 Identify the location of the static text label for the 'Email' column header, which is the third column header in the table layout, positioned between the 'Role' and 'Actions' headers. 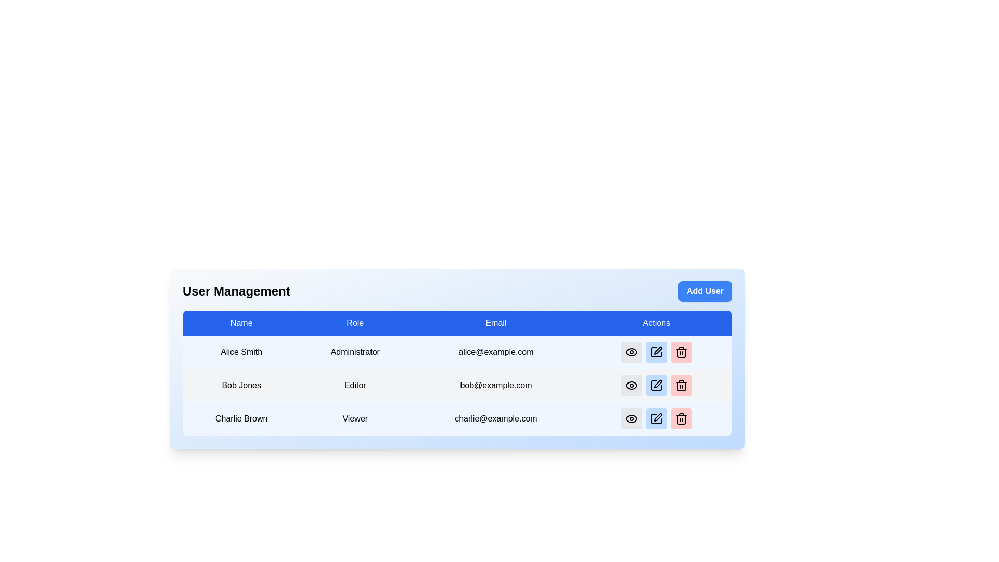
(495, 322).